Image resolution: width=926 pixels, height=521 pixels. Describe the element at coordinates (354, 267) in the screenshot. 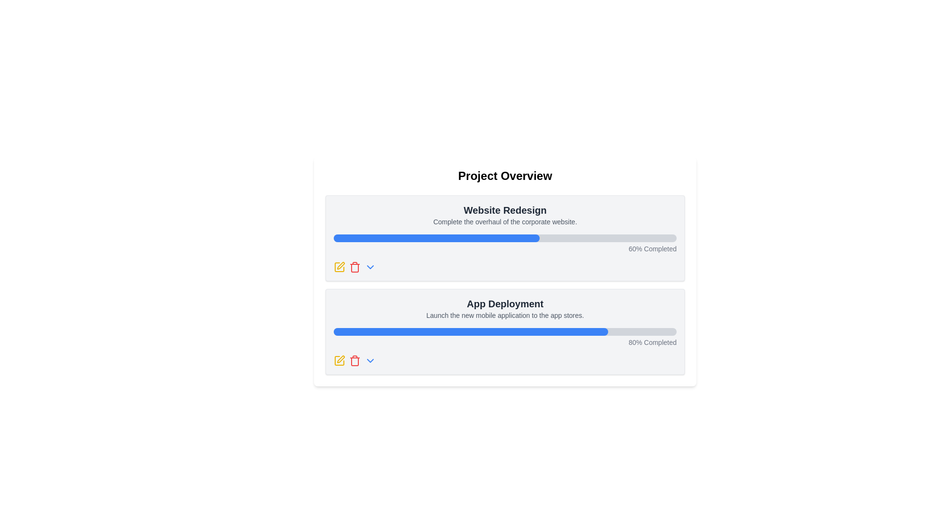

I see `the trash icon button with a red stroke color, positioned as the second icon from the left below the 'App Deployment' progress bar` at that location.